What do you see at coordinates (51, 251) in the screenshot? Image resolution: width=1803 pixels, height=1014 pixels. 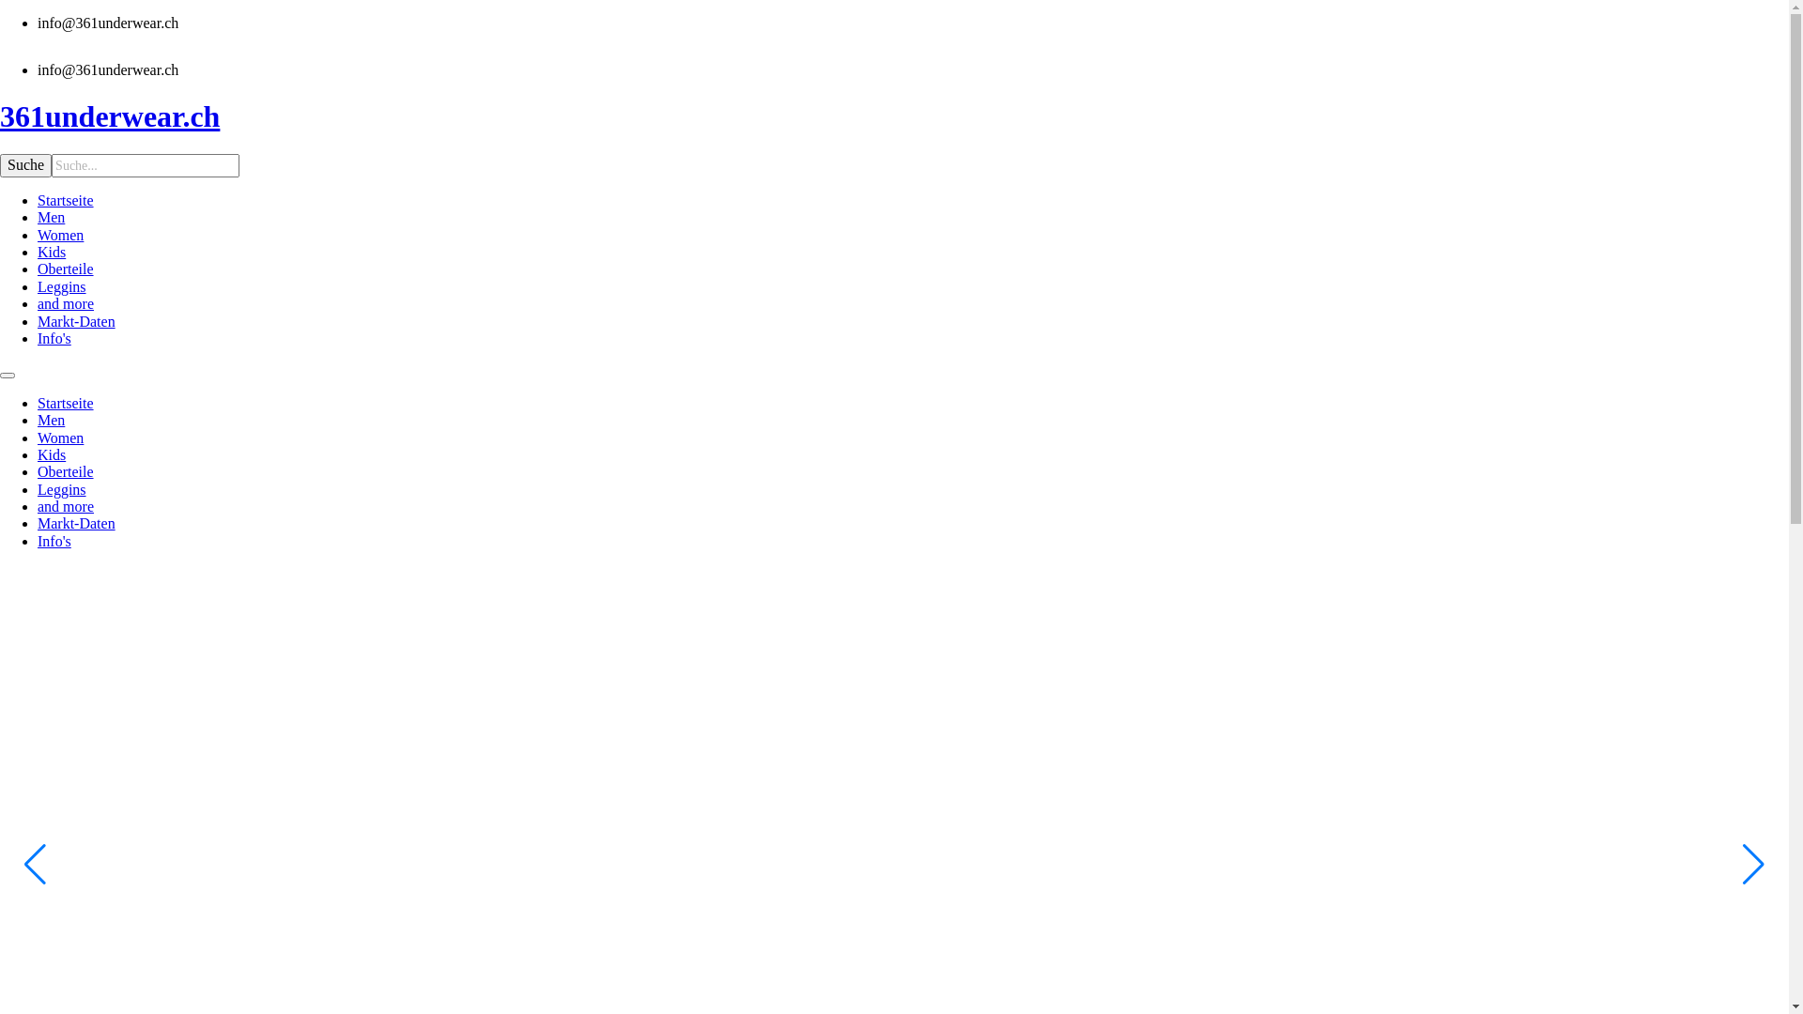 I see `'Kids'` at bounding box center [51, 251].